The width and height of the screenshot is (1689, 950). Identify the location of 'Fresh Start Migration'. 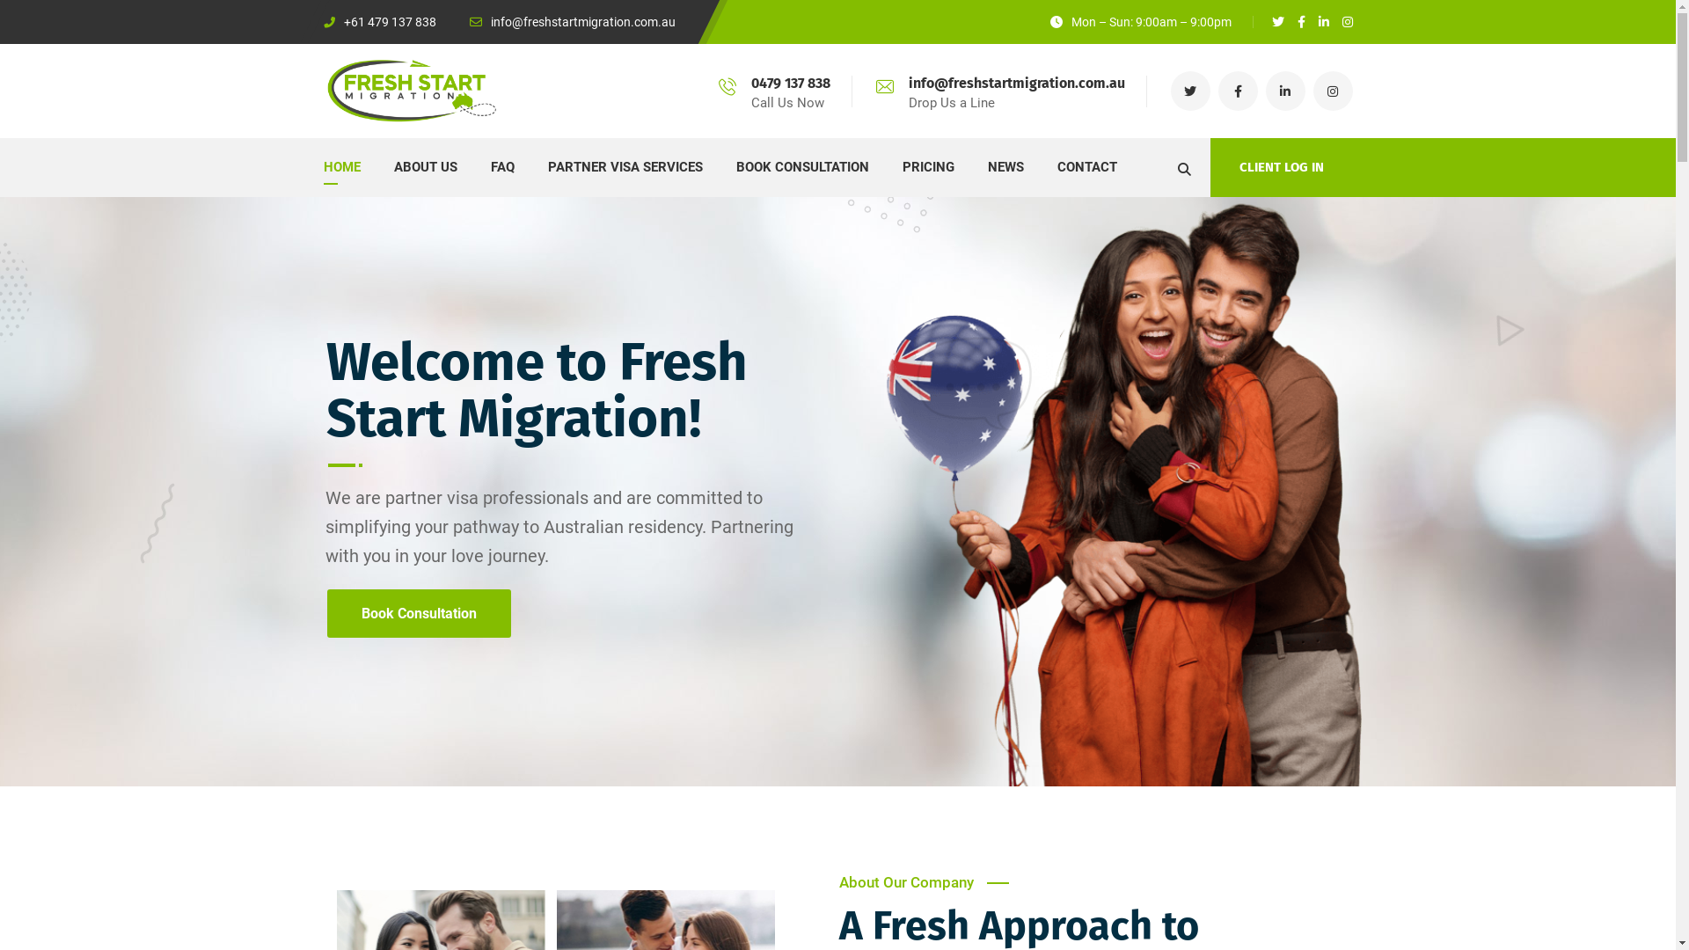
(324, 91).